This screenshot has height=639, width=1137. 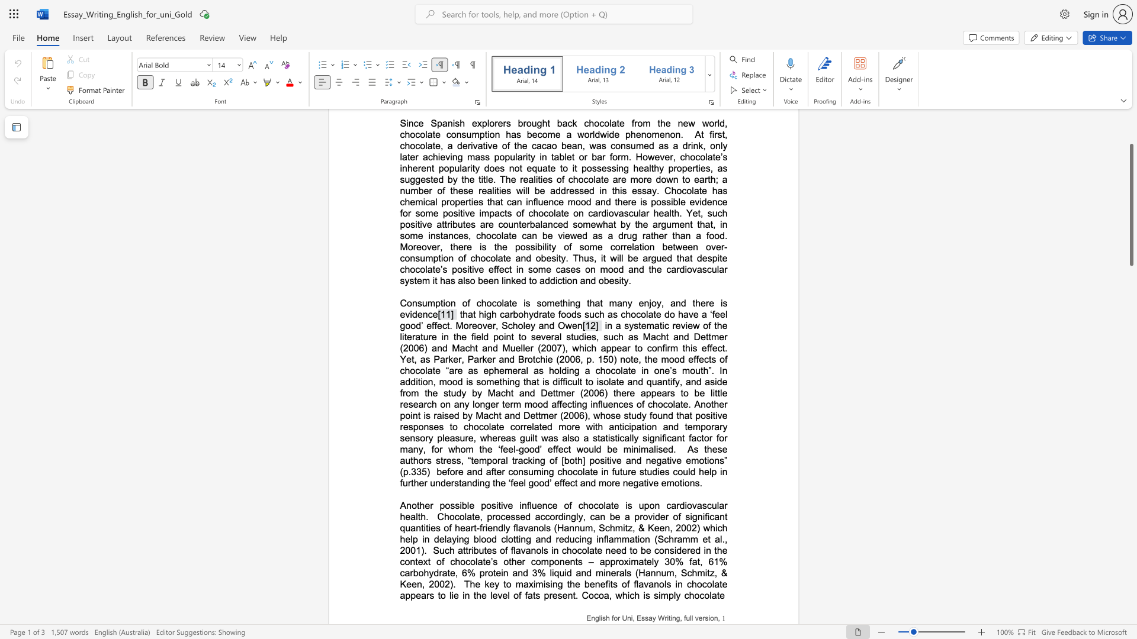 I want to click on the scrollbar and move down 1680 pixels, so click(x=1130, y=204).